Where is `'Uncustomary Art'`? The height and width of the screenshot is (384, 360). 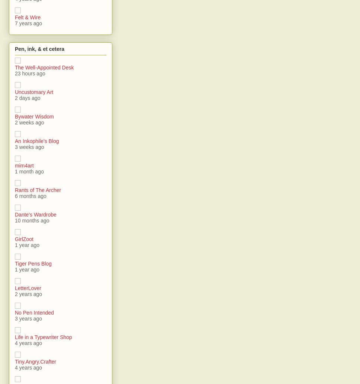 'Uncustomary Art' is located at coordinates (34, 92).